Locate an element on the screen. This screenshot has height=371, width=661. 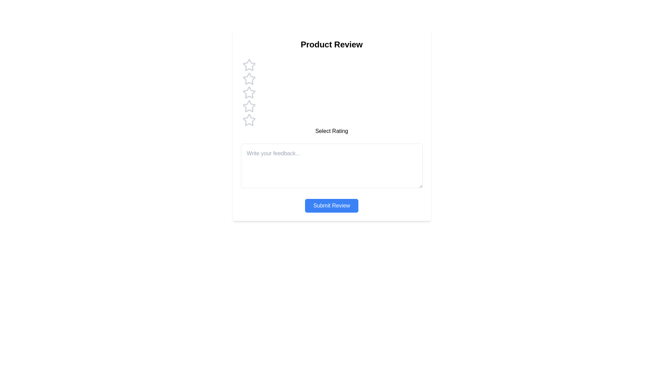
to select text within the multiline text input field located below 'Select Rating' and above the 'Submit Review' button is located at coordinates (332, 166).